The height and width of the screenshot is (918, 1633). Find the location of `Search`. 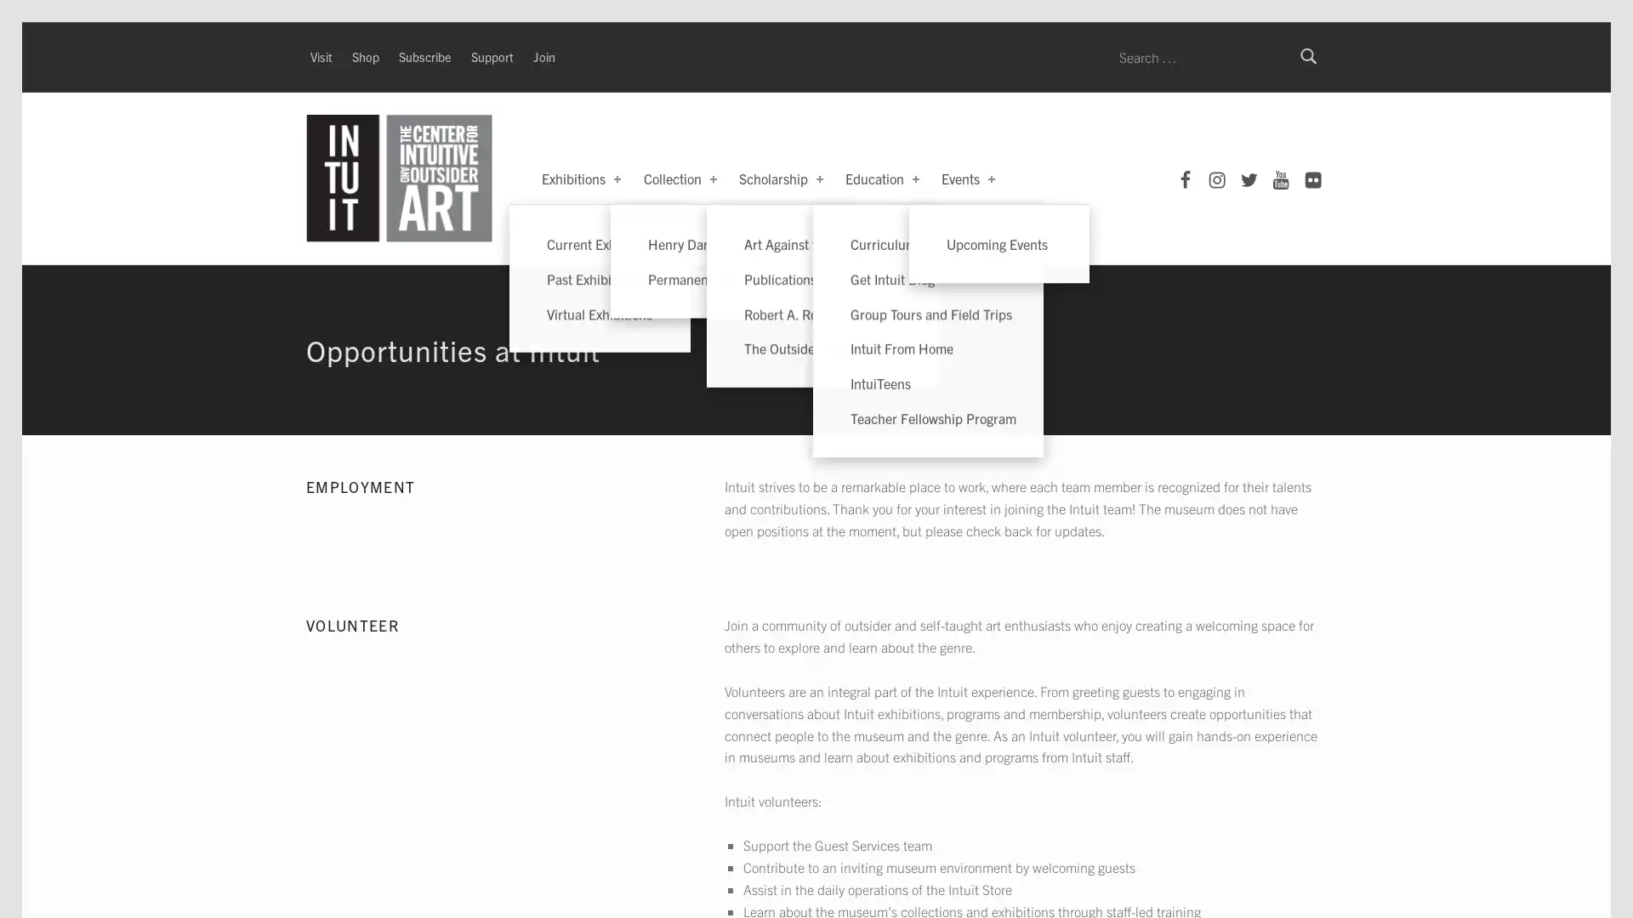

Search is located at coordinates (1306, 45).